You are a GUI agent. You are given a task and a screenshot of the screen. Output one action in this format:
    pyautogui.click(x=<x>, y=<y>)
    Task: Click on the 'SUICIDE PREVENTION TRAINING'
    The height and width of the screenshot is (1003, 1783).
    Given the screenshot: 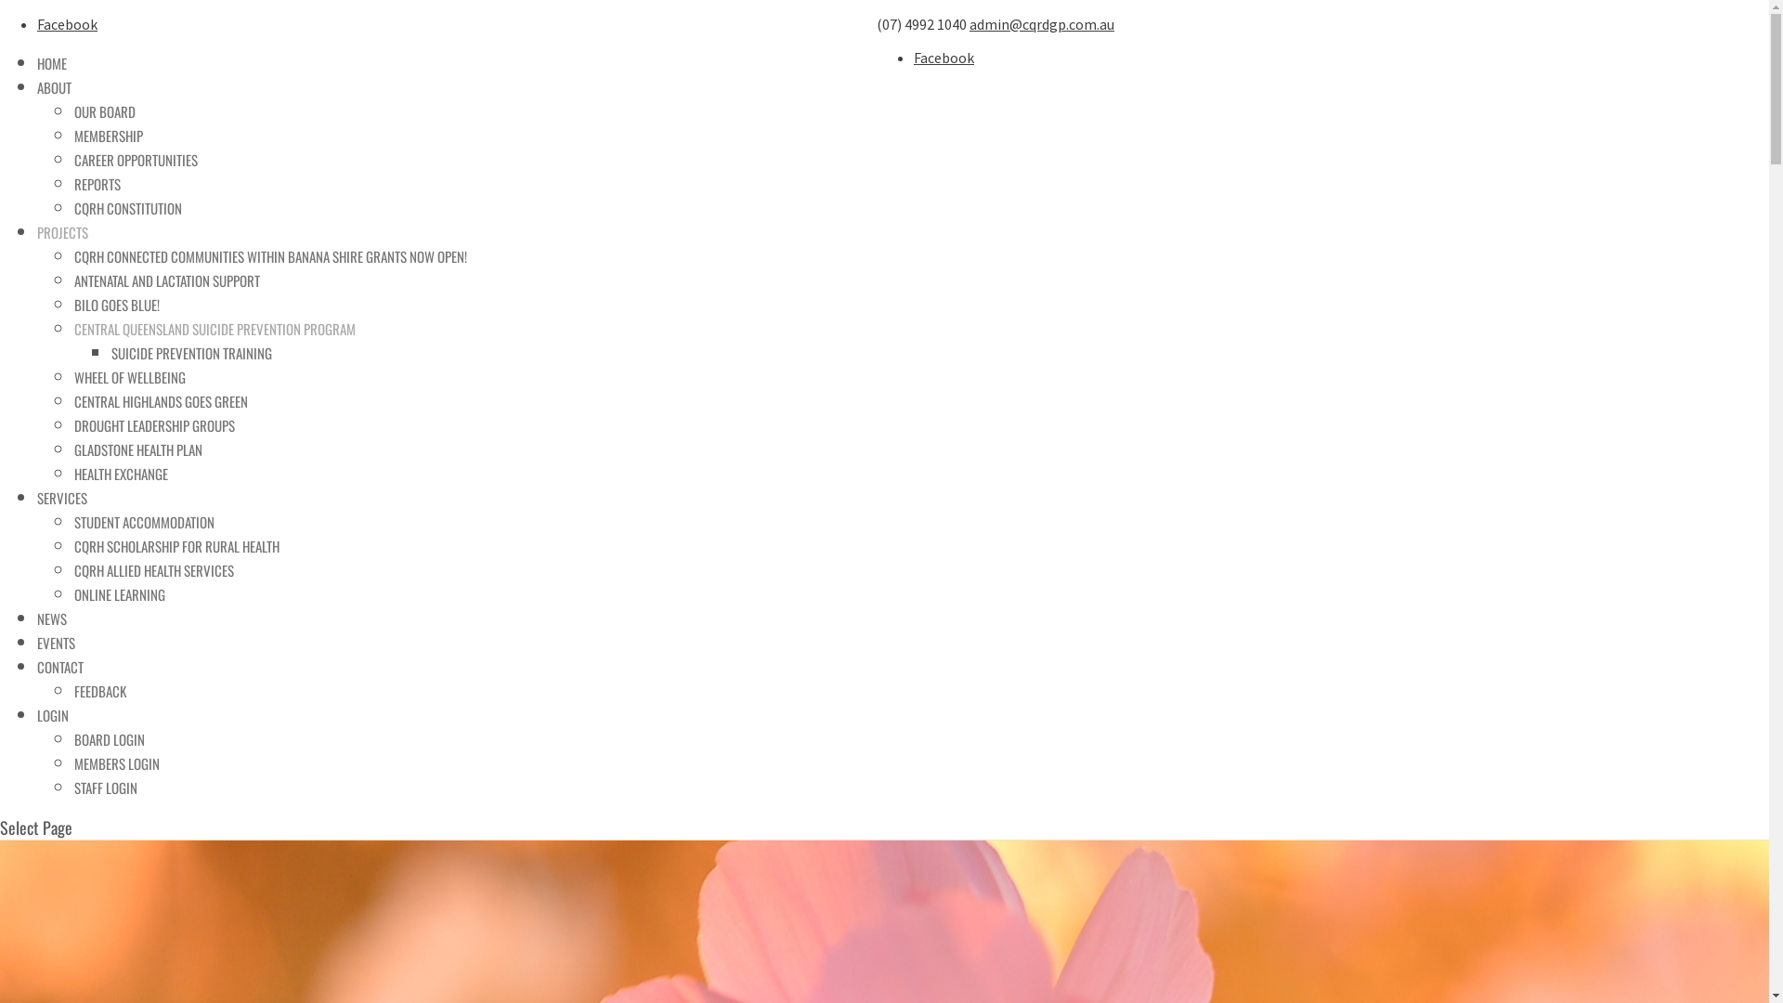 What is the action you would take?
    pyautogui.click(x=191, y=353)
    